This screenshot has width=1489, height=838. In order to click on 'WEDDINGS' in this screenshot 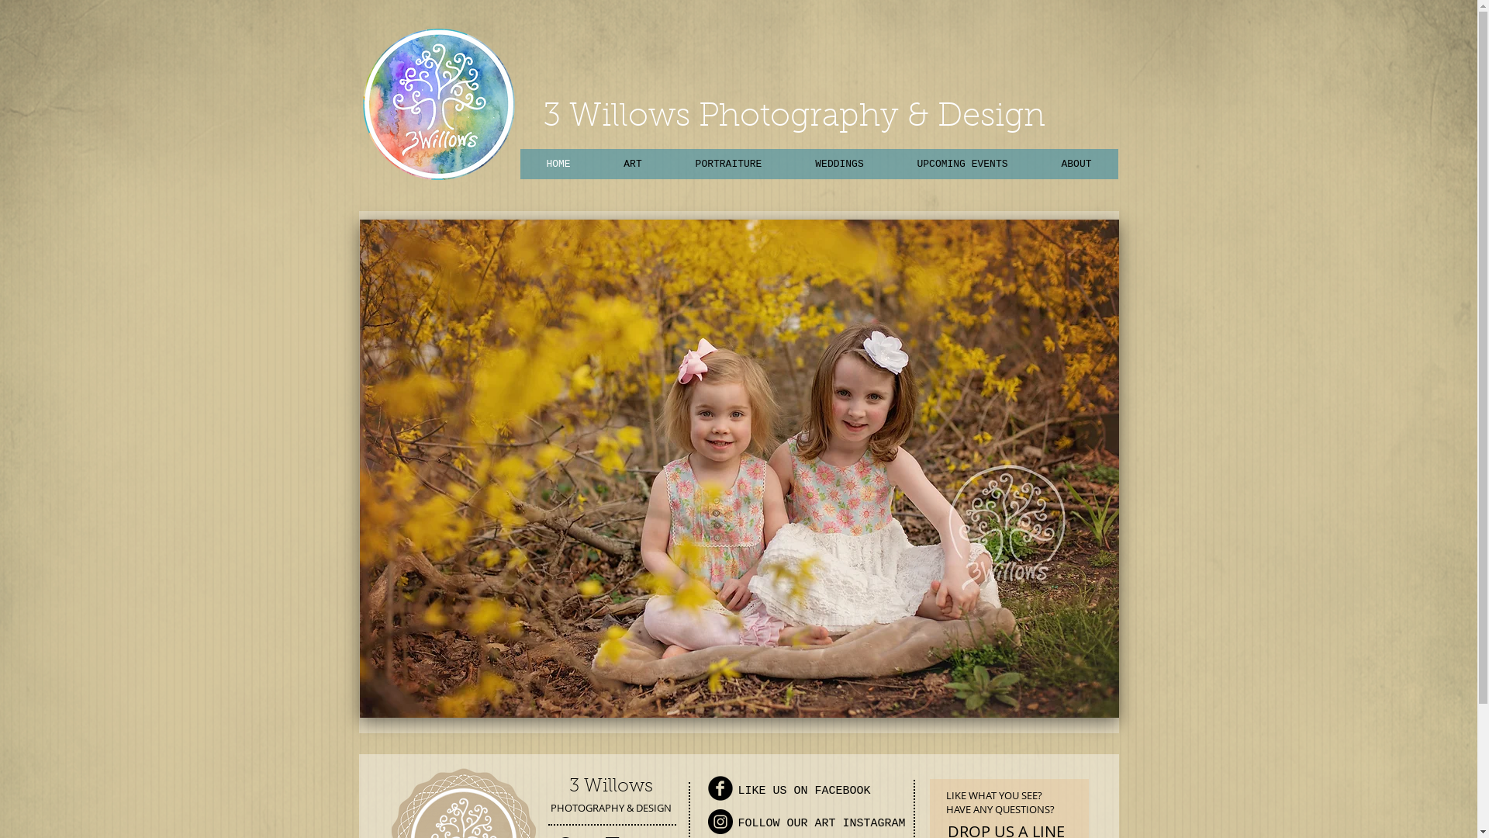, I will do `click(838, 164)`.